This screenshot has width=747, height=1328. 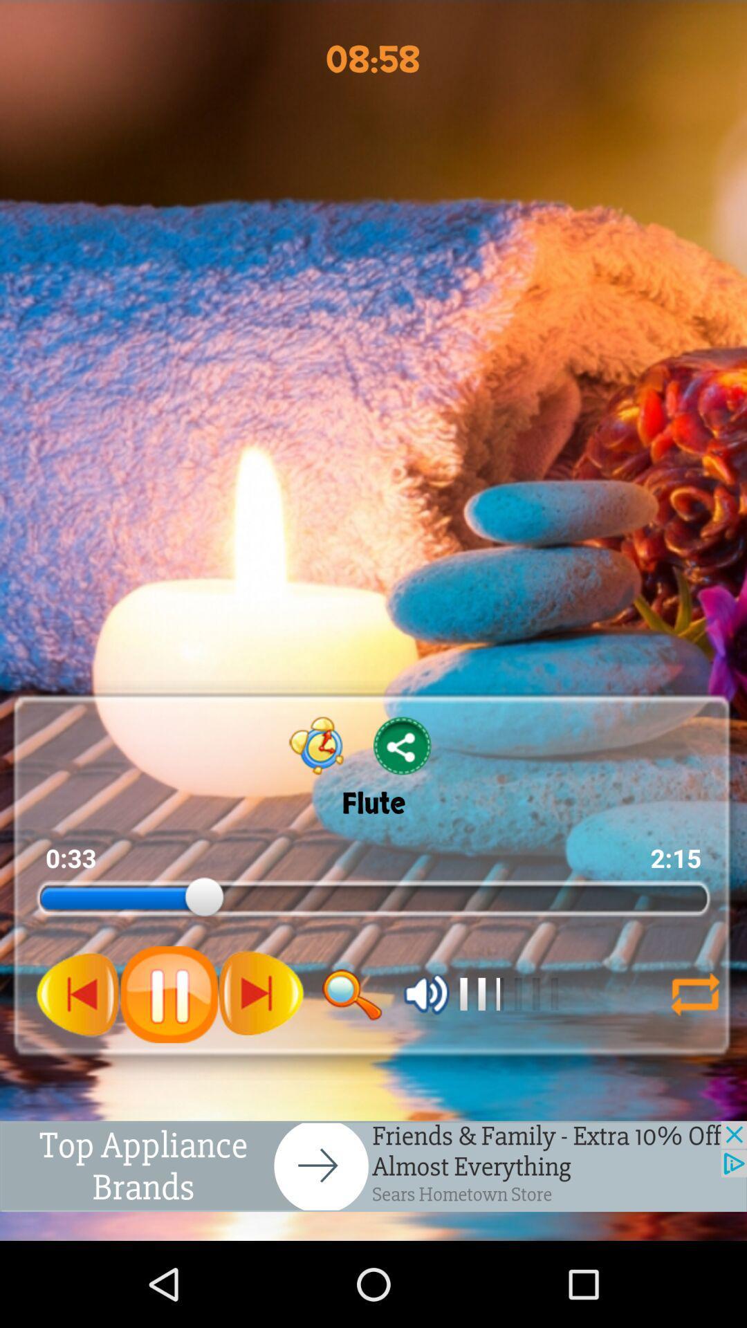 I want to click on sound volume option, so click(x=426, y=993).